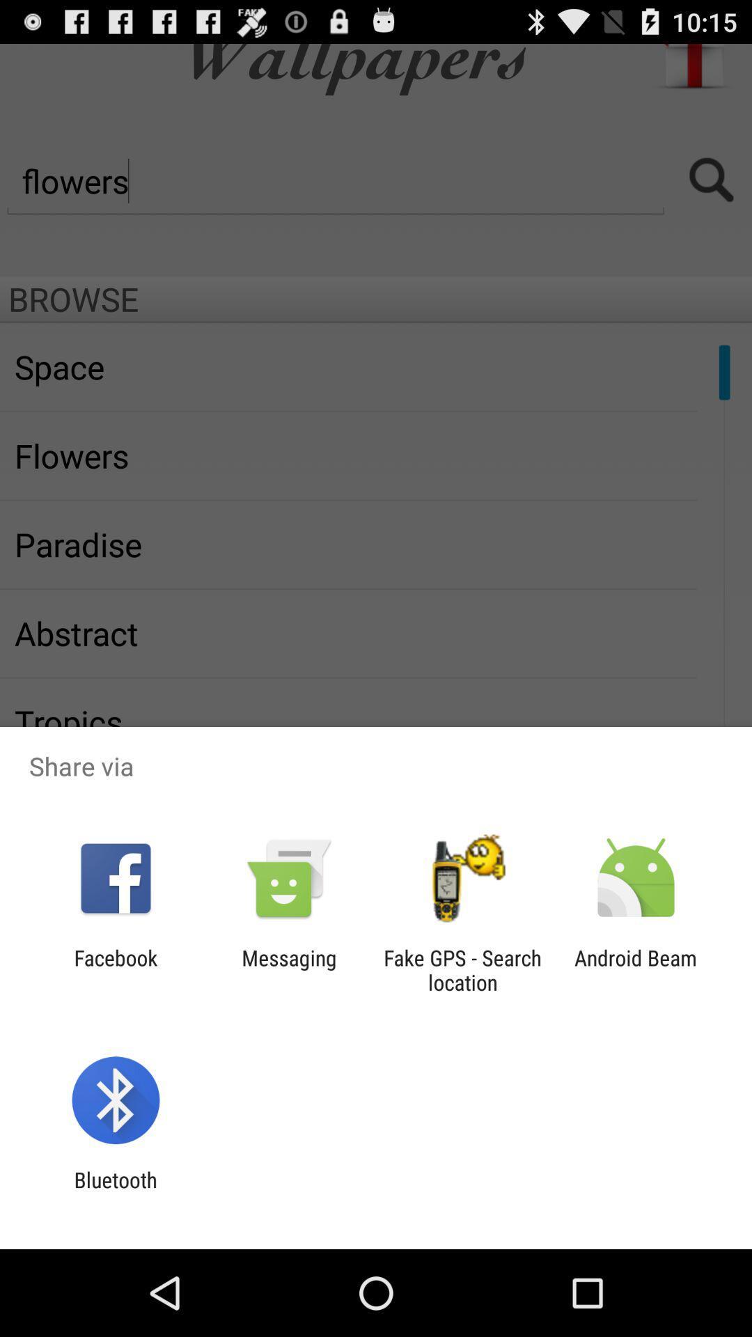  I want to click on app to the left of the fake gps search, so click(288, 969).